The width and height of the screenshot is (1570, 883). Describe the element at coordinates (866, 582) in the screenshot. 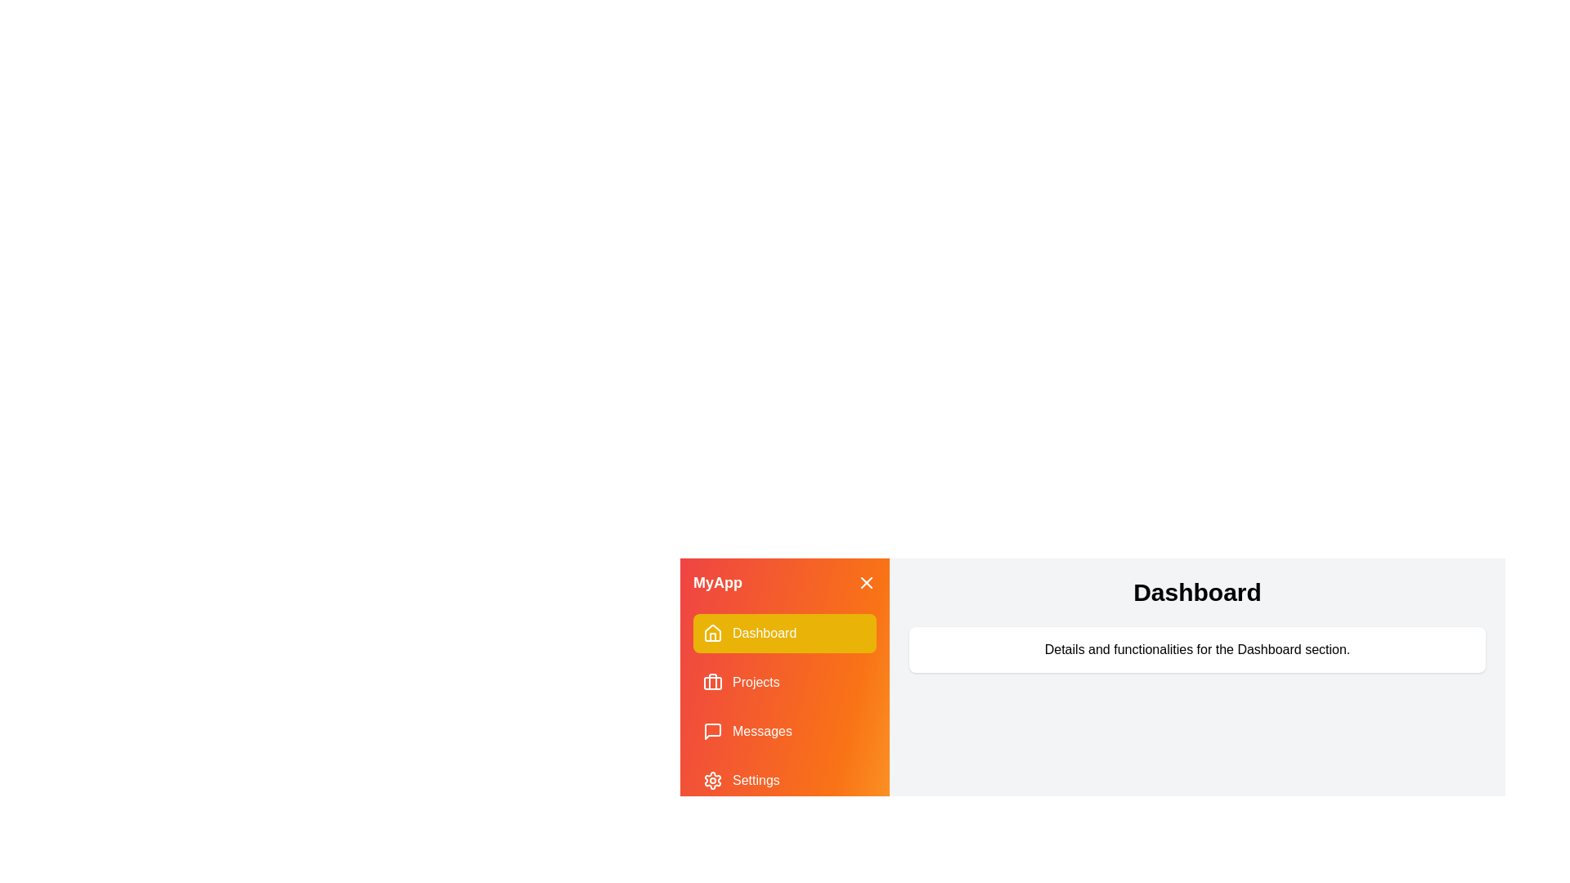

I see `toggle button at the top-right corner of the drawer to toggle it open or closed` at that location.